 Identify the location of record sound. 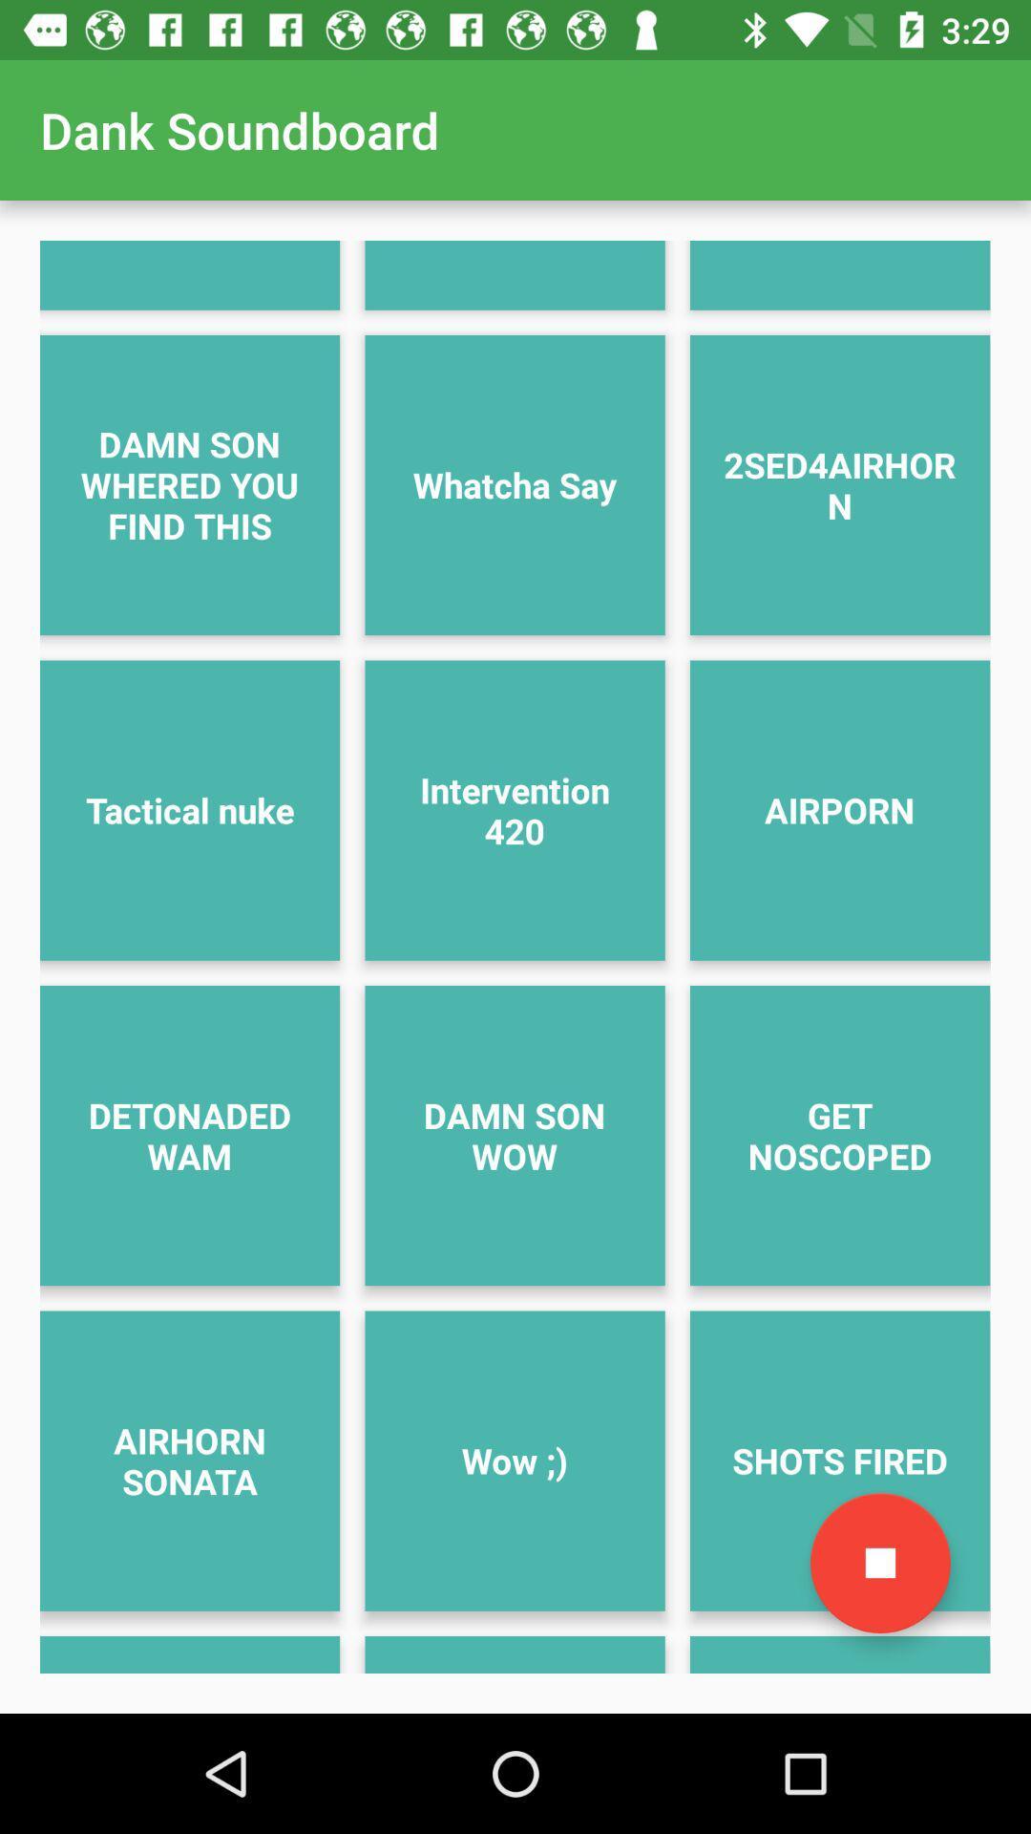
(880, 1563).